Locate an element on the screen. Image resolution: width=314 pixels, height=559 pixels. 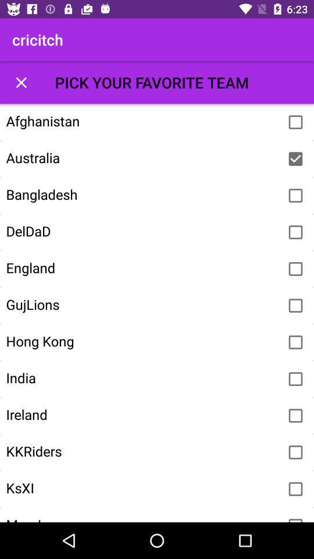
pick ksxi is located at coordinates (295, 489).